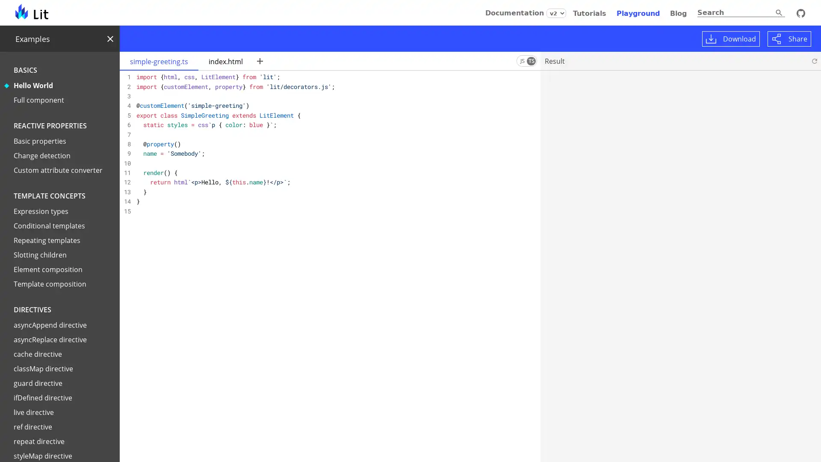  What do you see at coordinates (260, 60) in the screenshot?
I see `New file` at bounding box center [260, 60].